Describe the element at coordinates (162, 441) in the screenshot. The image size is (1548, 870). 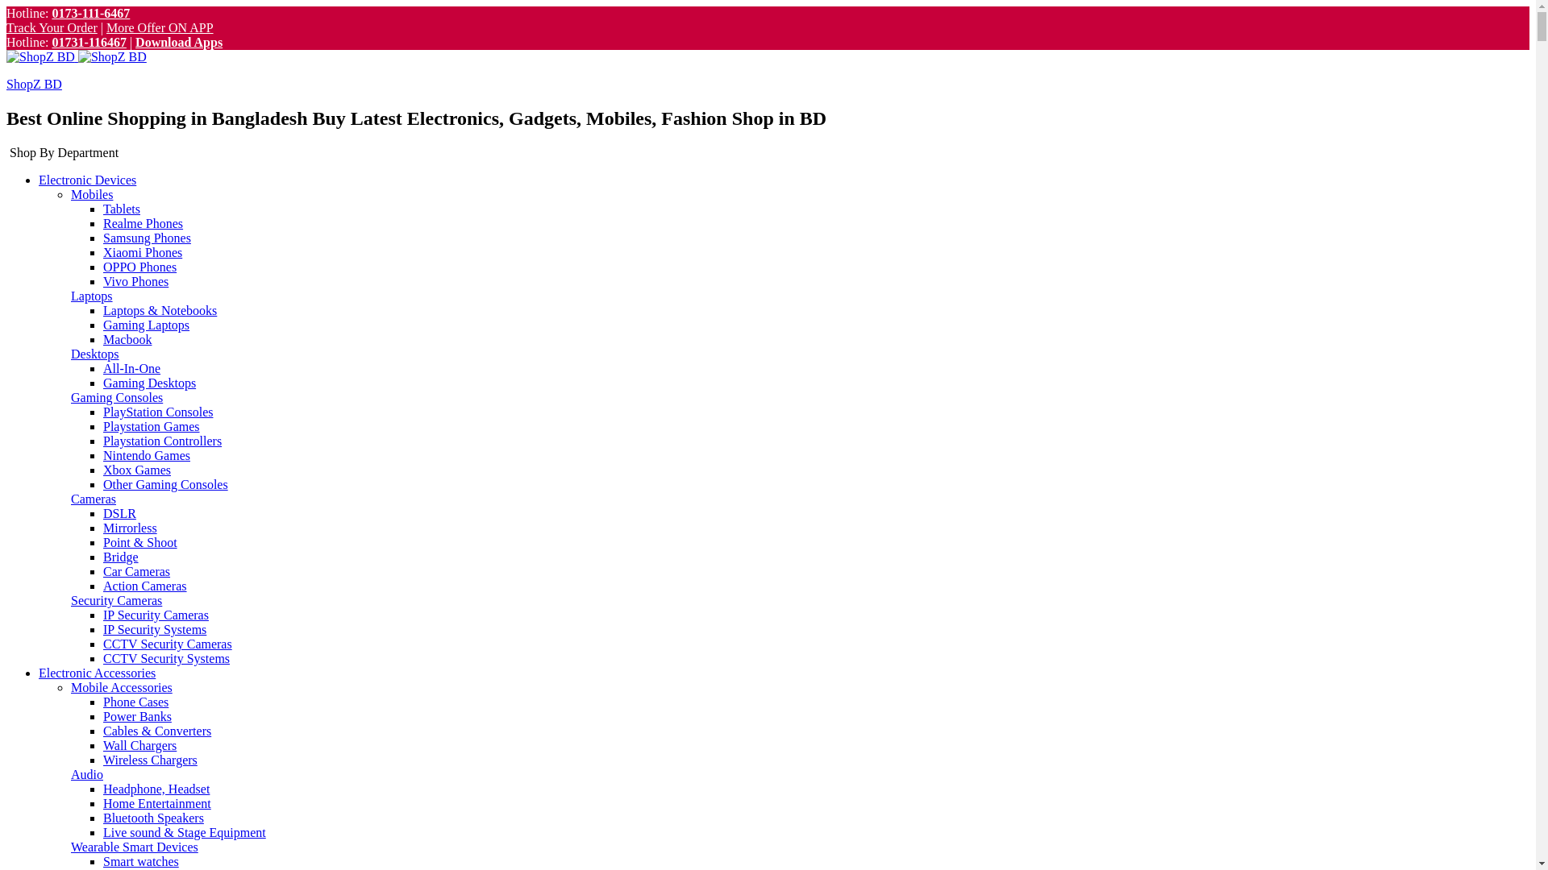
I see `'Playstation Controllers'` at that location.